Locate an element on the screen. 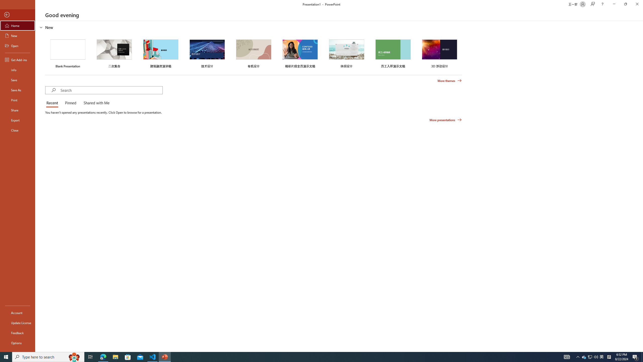 Image resolution: width=643 pixels, height=362 pixels. 'Update License' is located at coordinates (17, 323).